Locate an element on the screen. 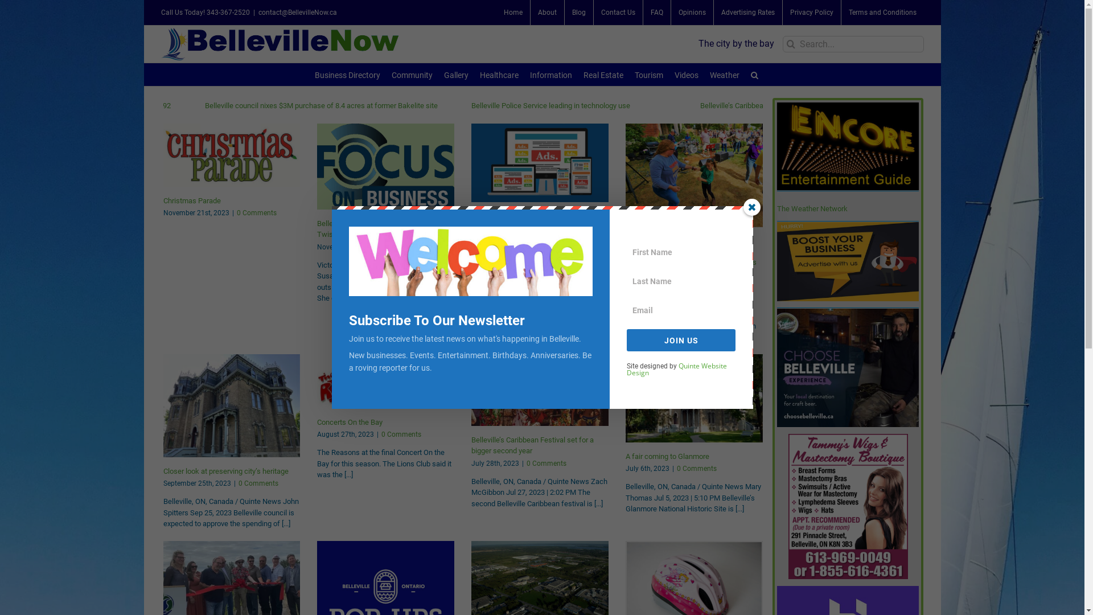 This screenshot has height=615, width=1093. 'Information' is located at coordinates (551, 74).